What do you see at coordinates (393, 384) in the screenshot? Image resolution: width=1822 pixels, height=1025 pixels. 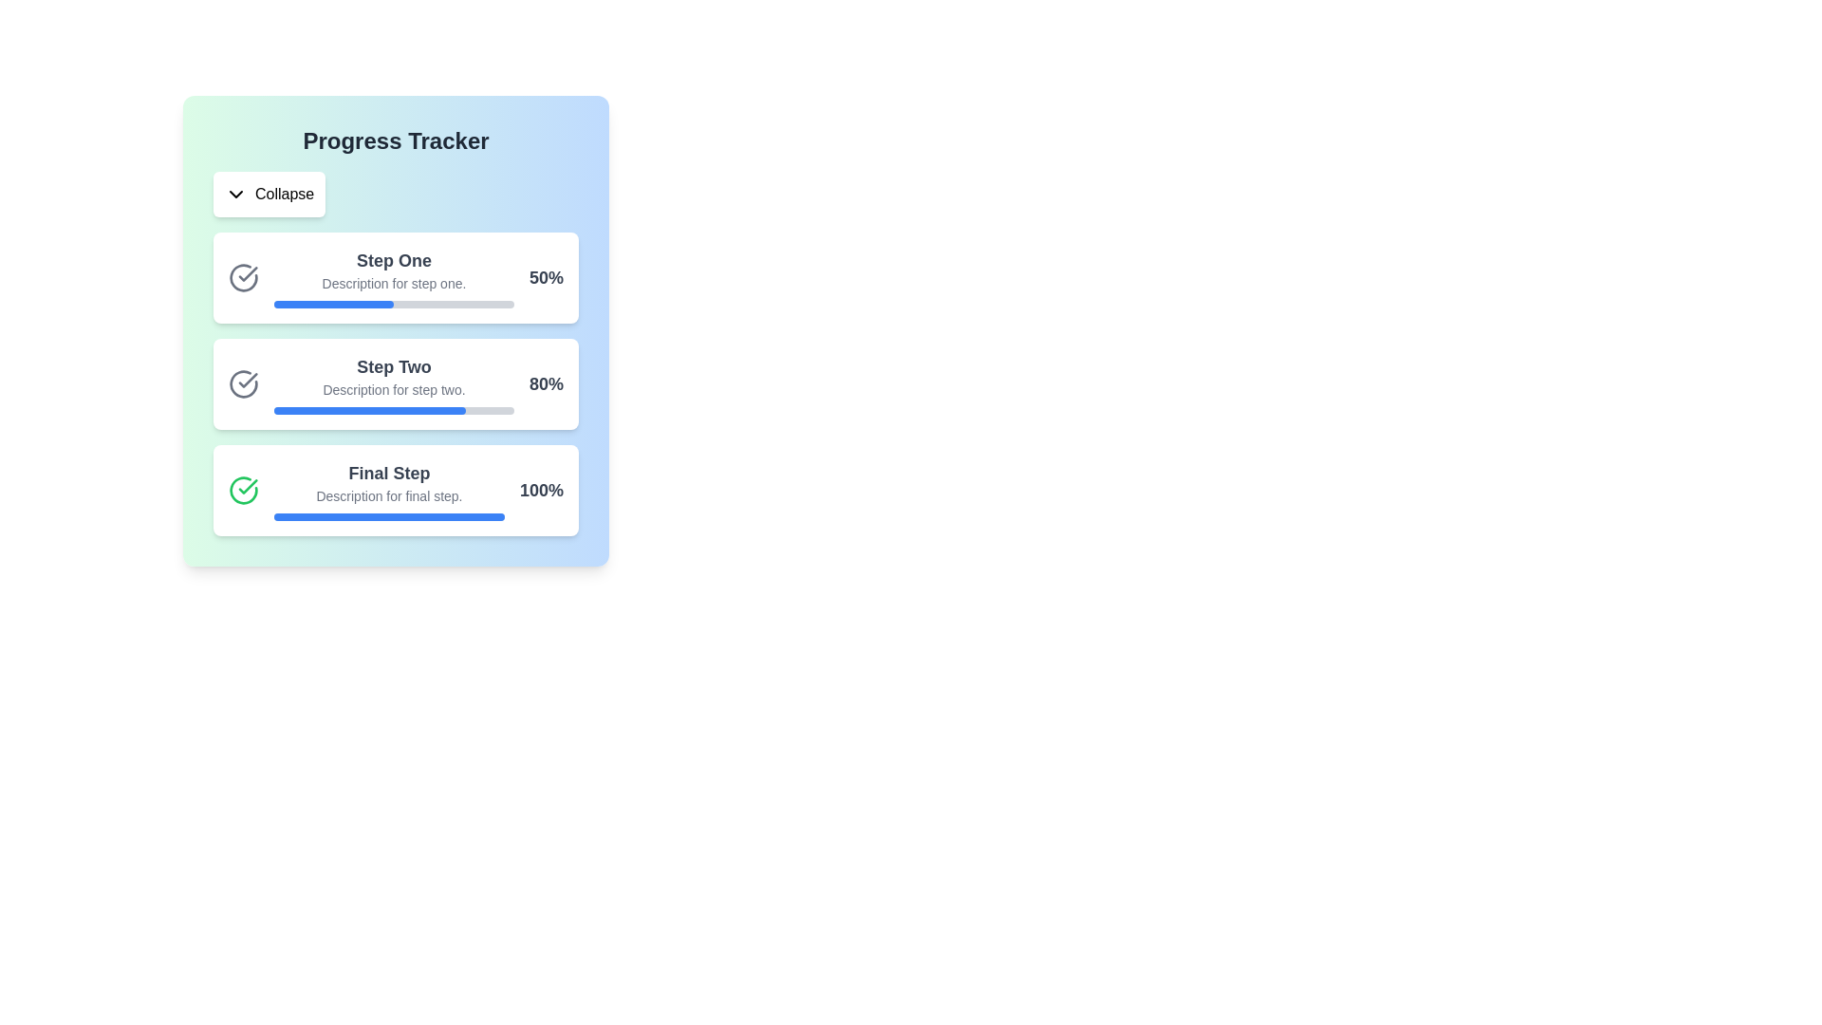 I see `step title and description from the second progress tracker step item, which is centrally located in the progress tracker interface` at bounding box center [393, 384].